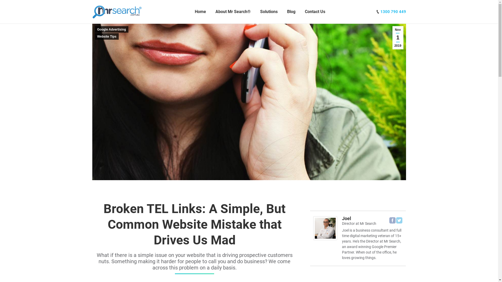 The image size is (502, 282). I want to click on 'Facebook', so click(392, 220).